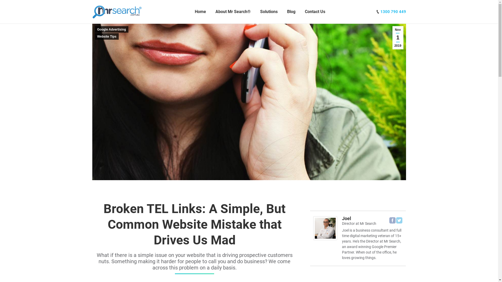 The image size is (502, 282). I want to click on 'Facebook', so click(392, 220).